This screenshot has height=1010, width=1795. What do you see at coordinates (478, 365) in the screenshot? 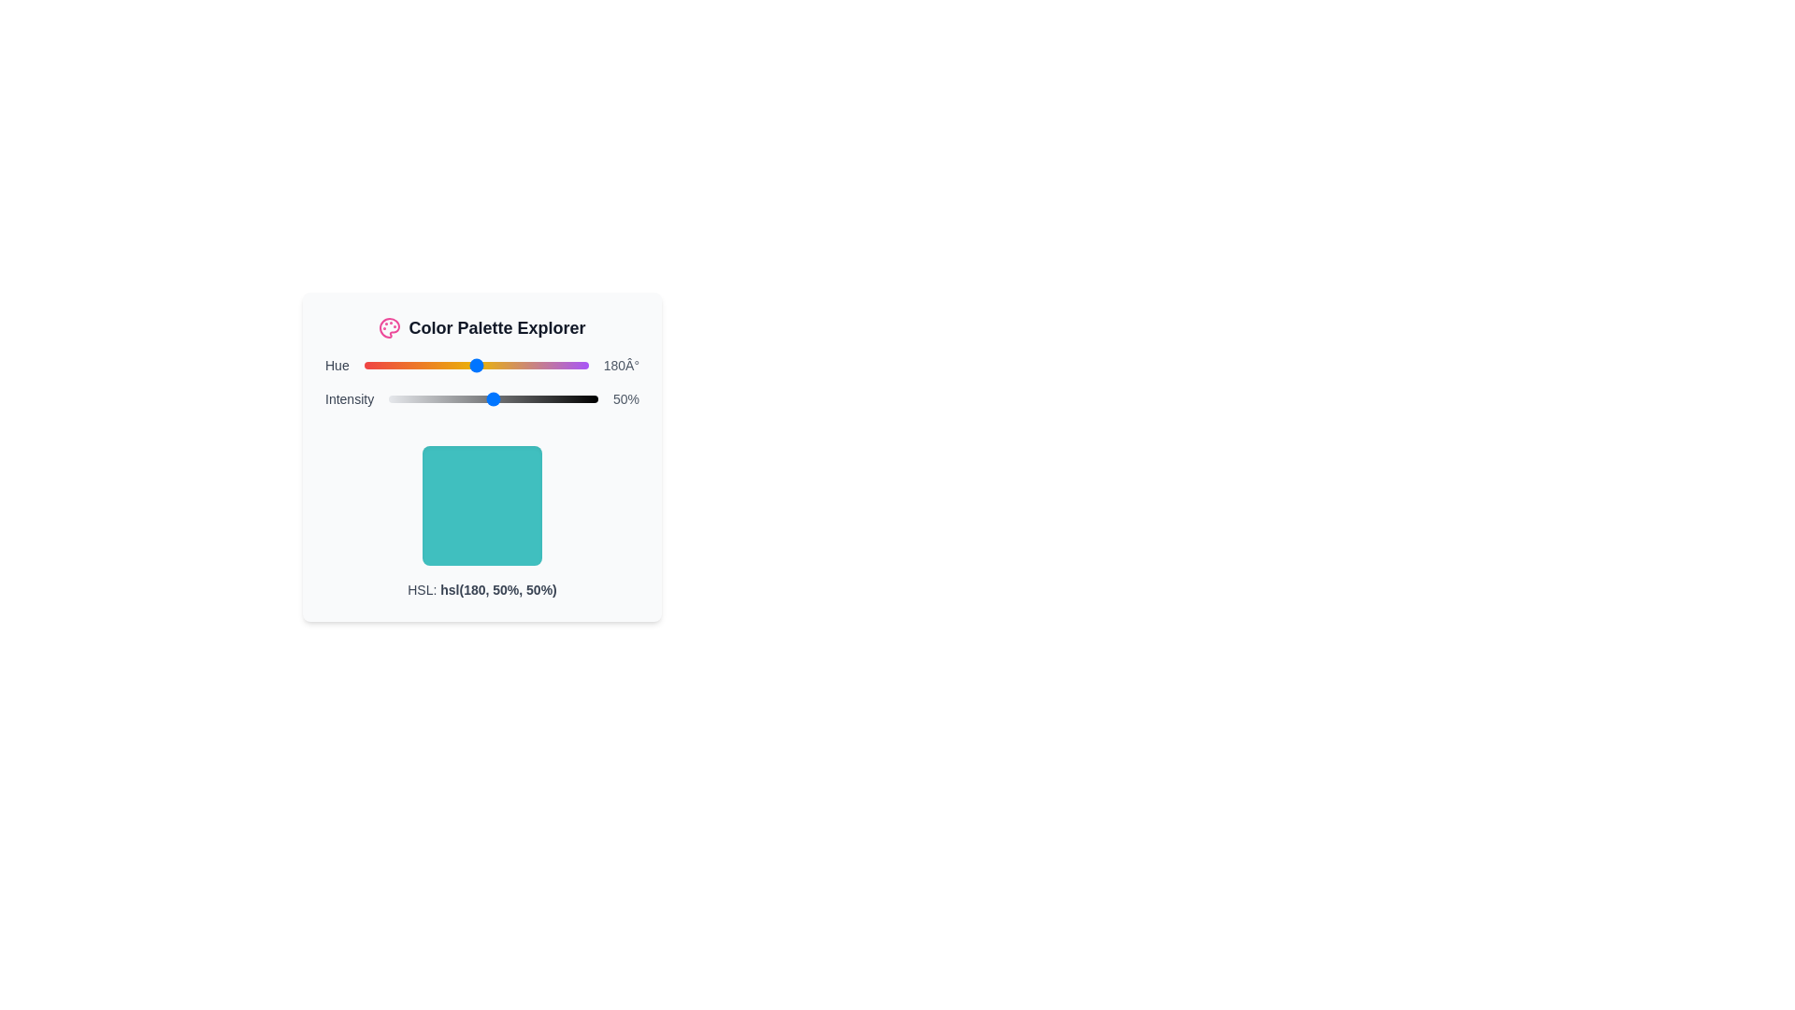
I see `the hue slider to set the hue to 183 degrees` at bounding box center [478, 365].